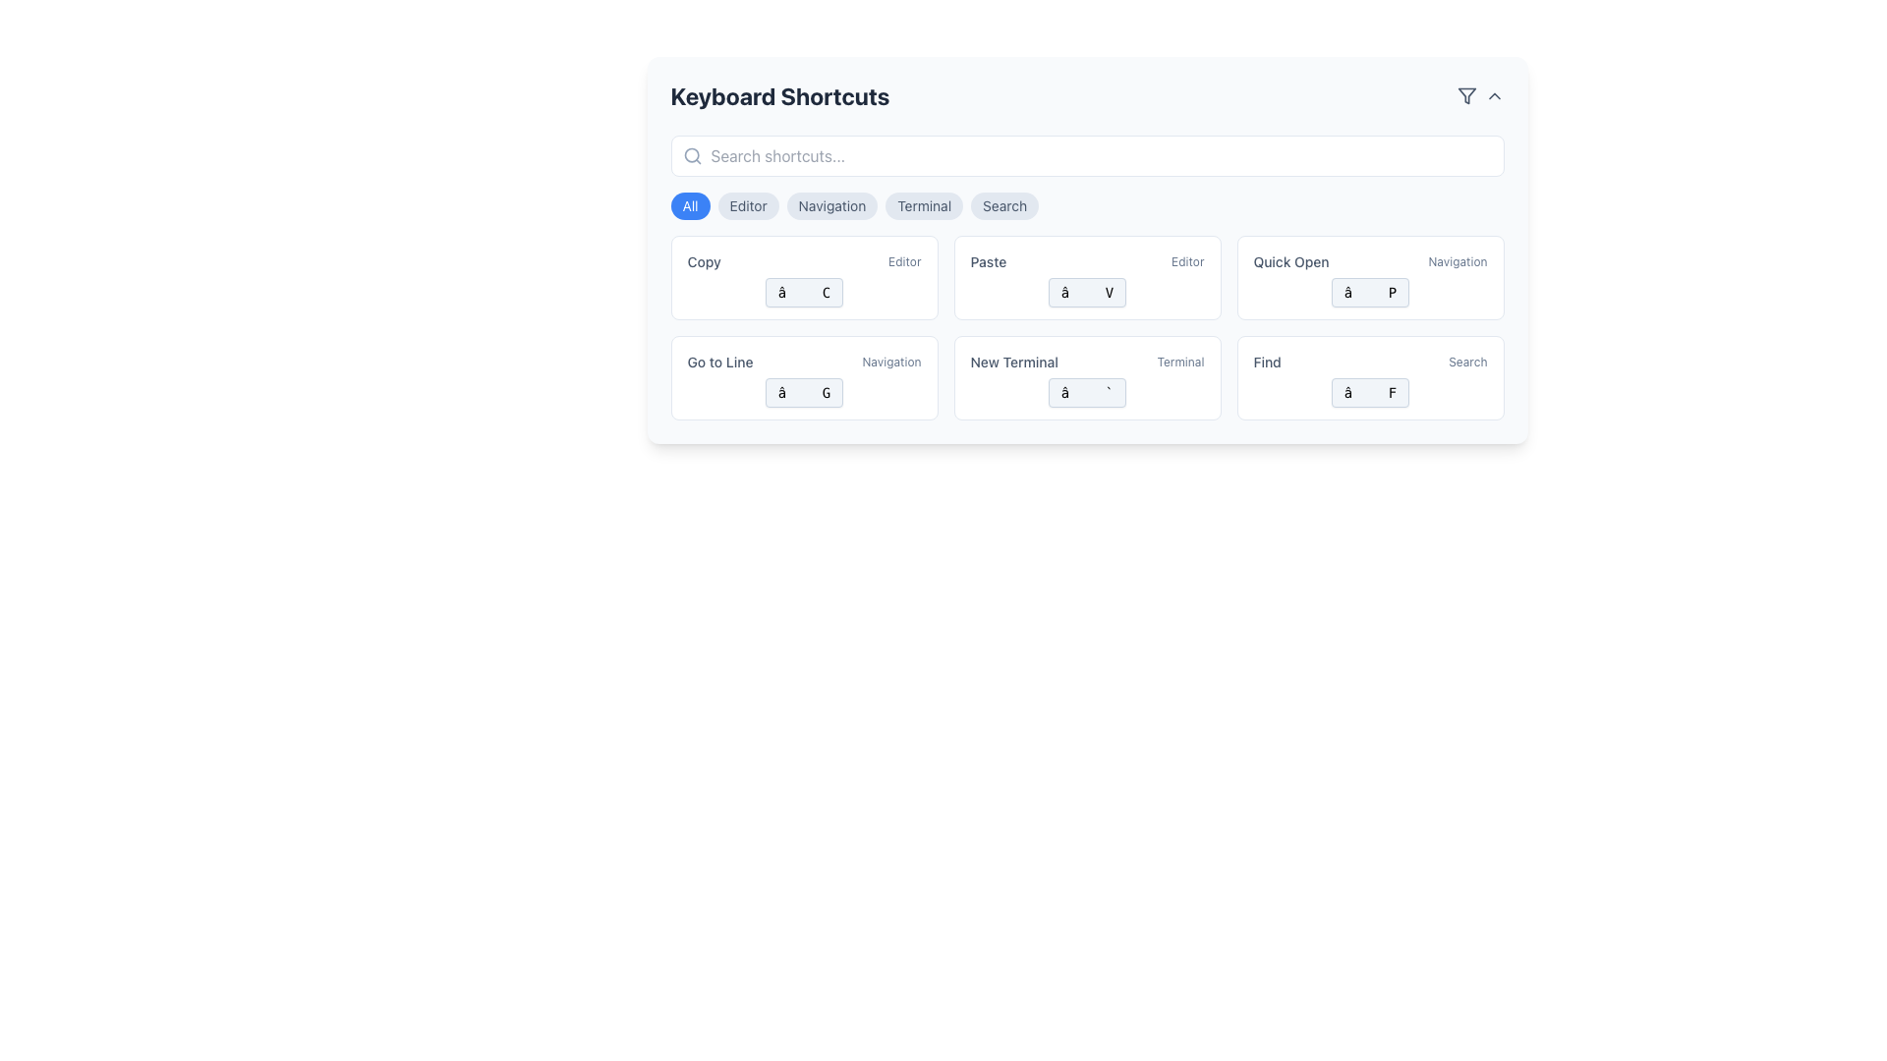 The image size is (1887, 1061). What do you see at coordinates (804, 378) in the screenshot?
I see `the 'Go to Line' shortcut card, which features a white background, a bold title, and a blue button-like area with '⌘ G' at the bottom, to focus on it` at bounding box center [804, 378].